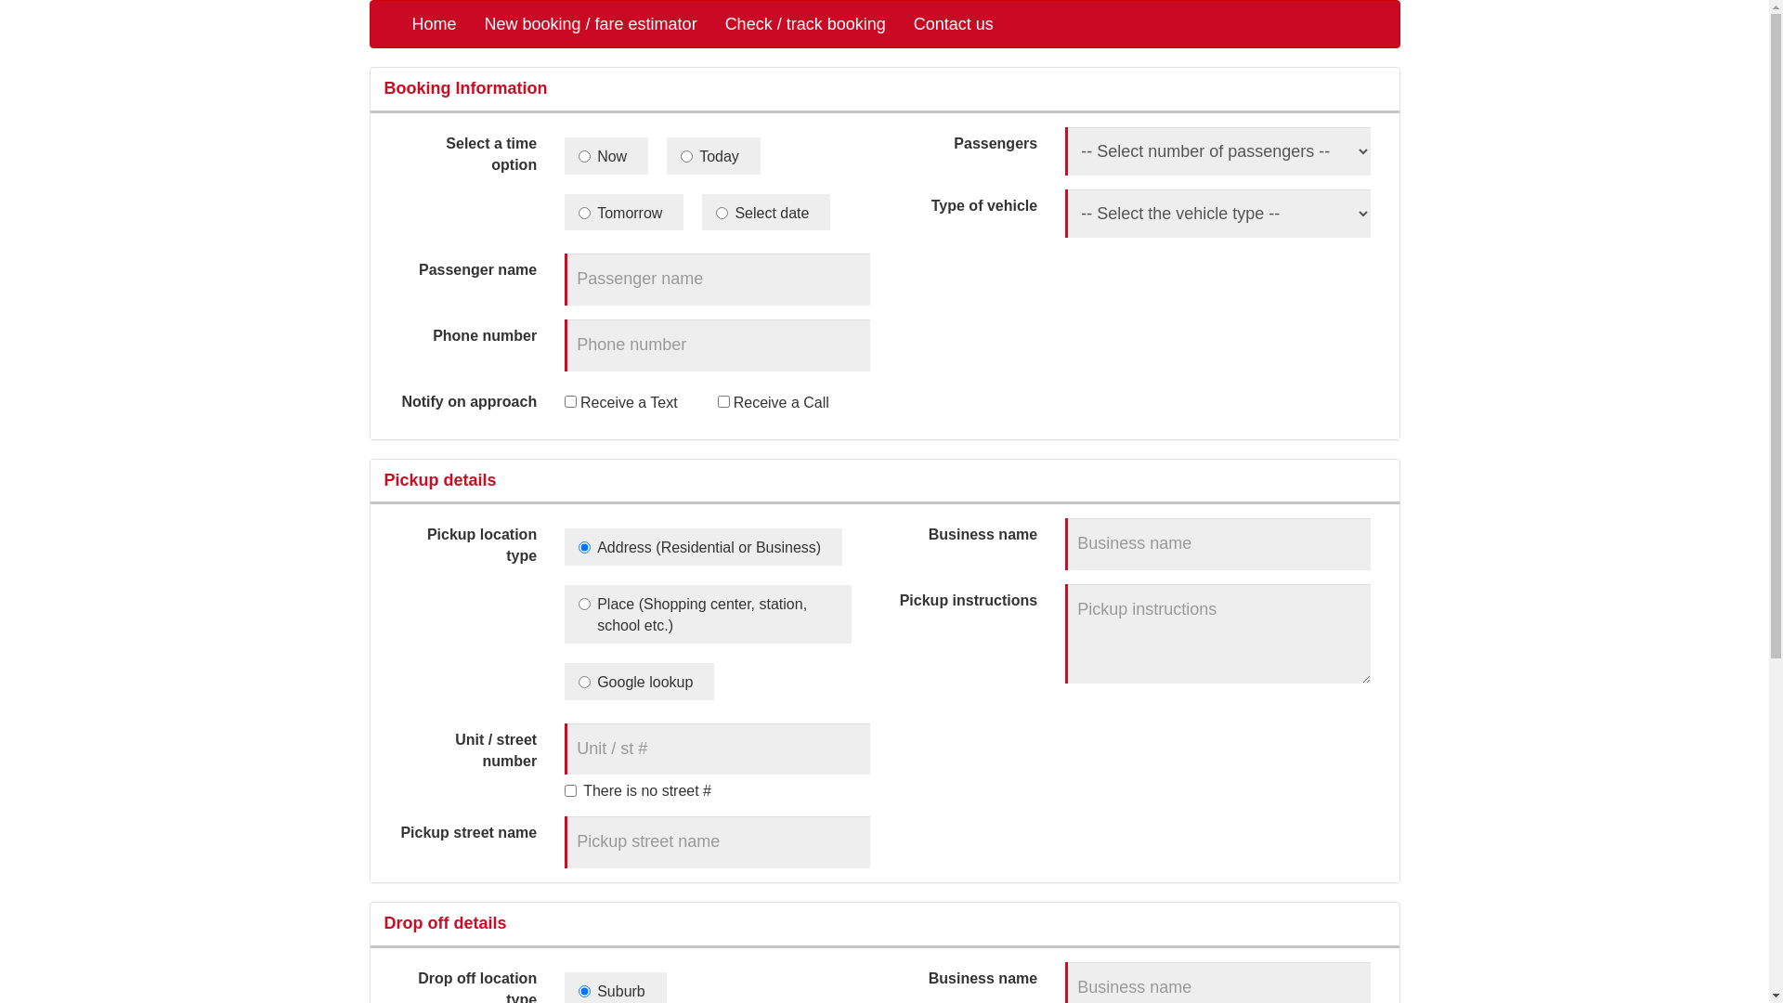 This screenshot has height=1003, width=1783. Describe the element at coordinates (954, 24) in the screenshot. I see `'Contact us'` at that location.